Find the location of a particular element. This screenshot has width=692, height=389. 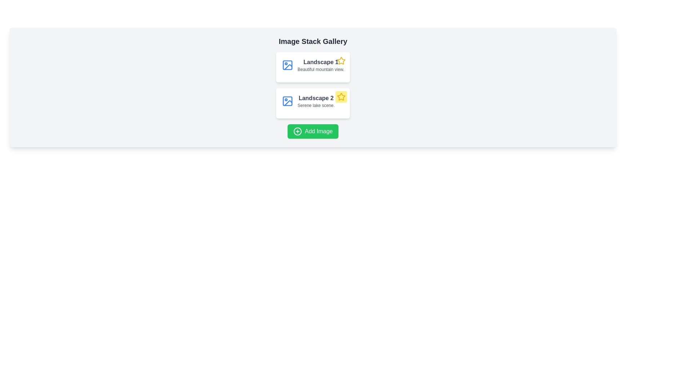

text from the second textual informative block in the Image Stack Gallery section, which displays 'Landscape 2' and 'Serene lake scene.' is located at coordinates (316, 101).